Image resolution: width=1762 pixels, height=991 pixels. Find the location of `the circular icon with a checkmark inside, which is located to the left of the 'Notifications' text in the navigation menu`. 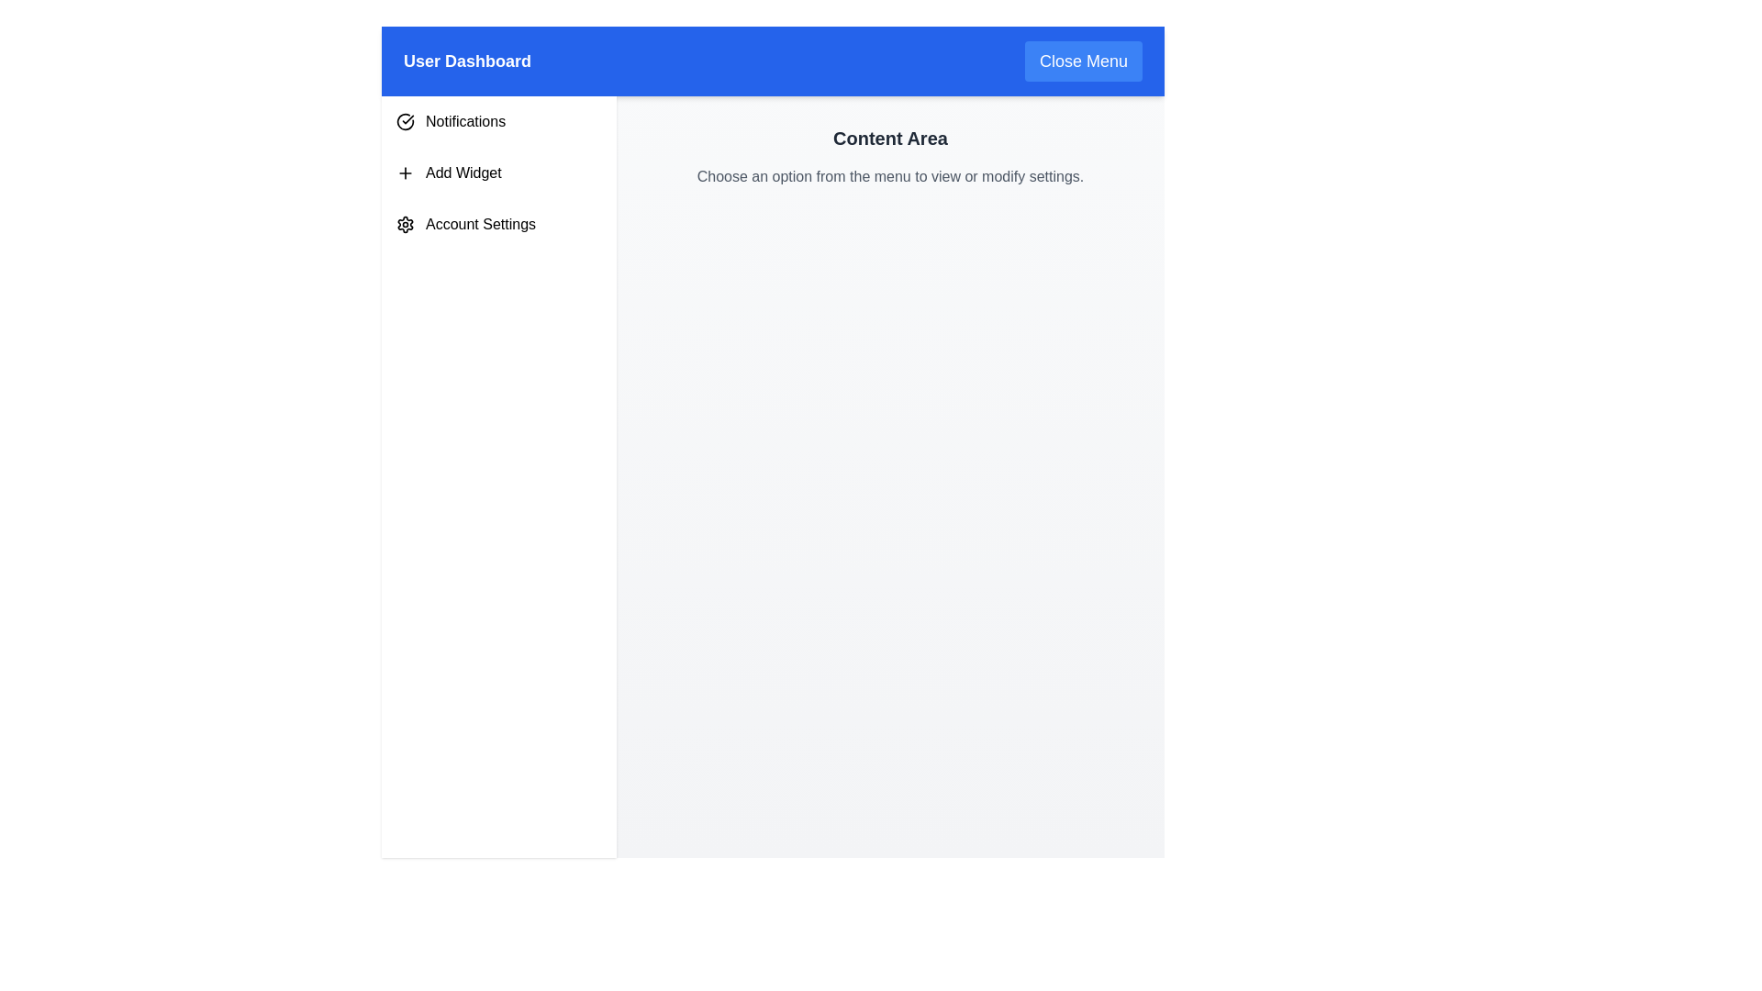

the circular icon with a checkmark inside, which is located to the left of the 'Notifications' text in the navigation menu is located at coordinates (404, 121).